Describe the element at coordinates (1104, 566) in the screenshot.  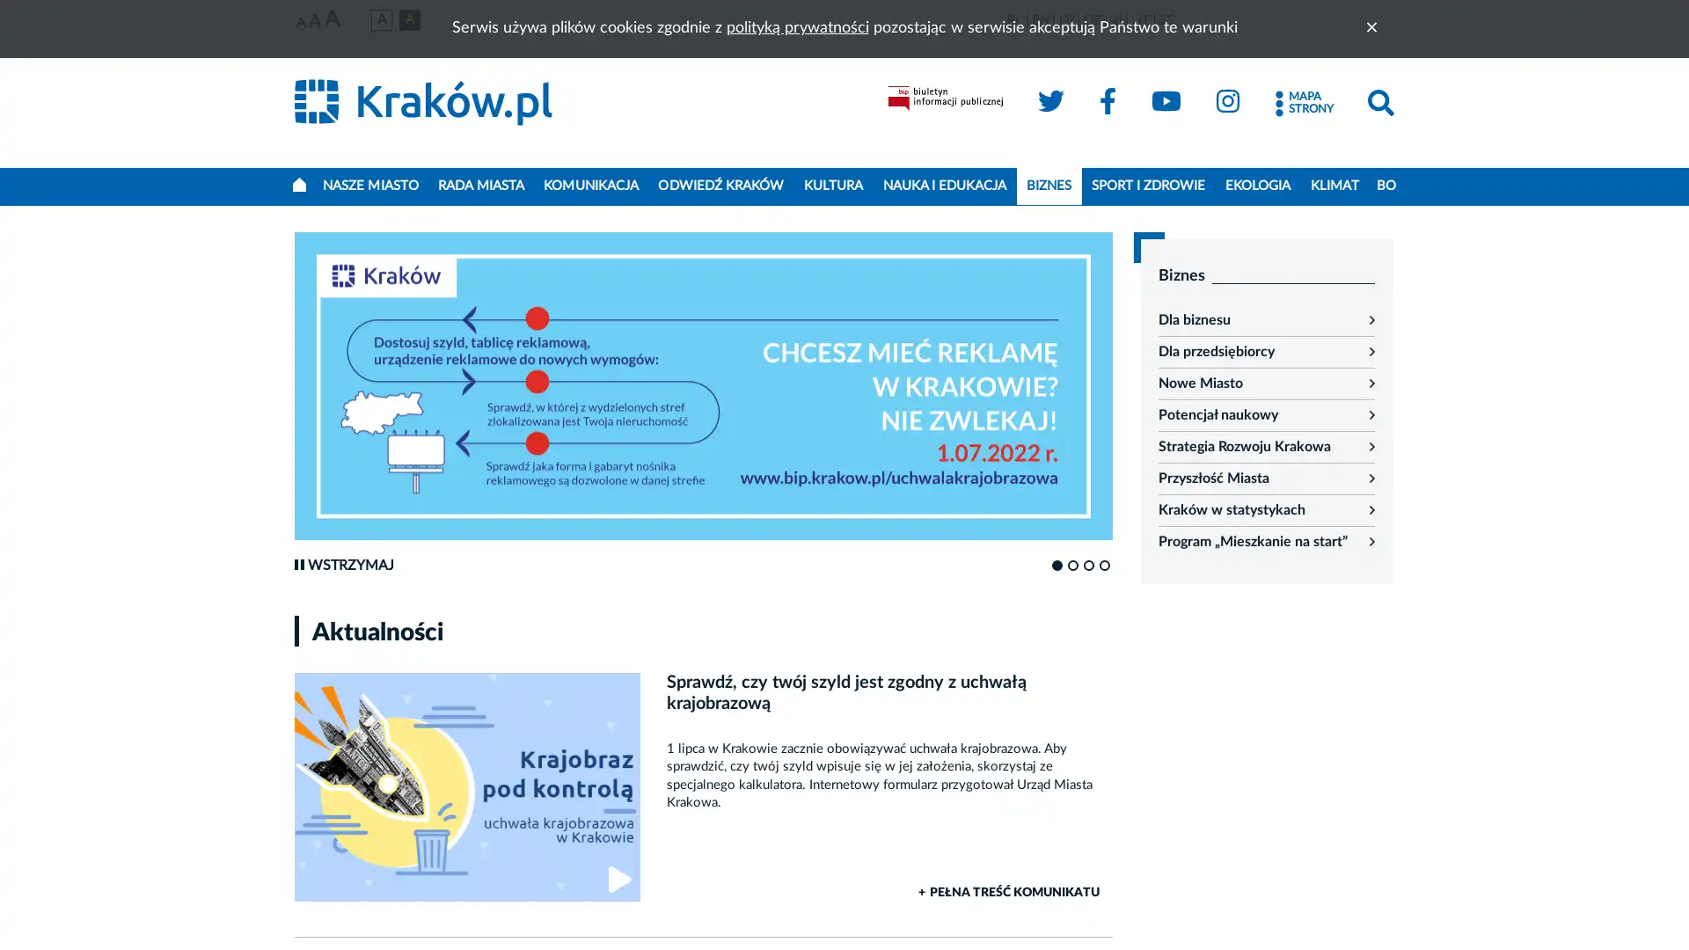
I see `Go to slide 4` at that location.